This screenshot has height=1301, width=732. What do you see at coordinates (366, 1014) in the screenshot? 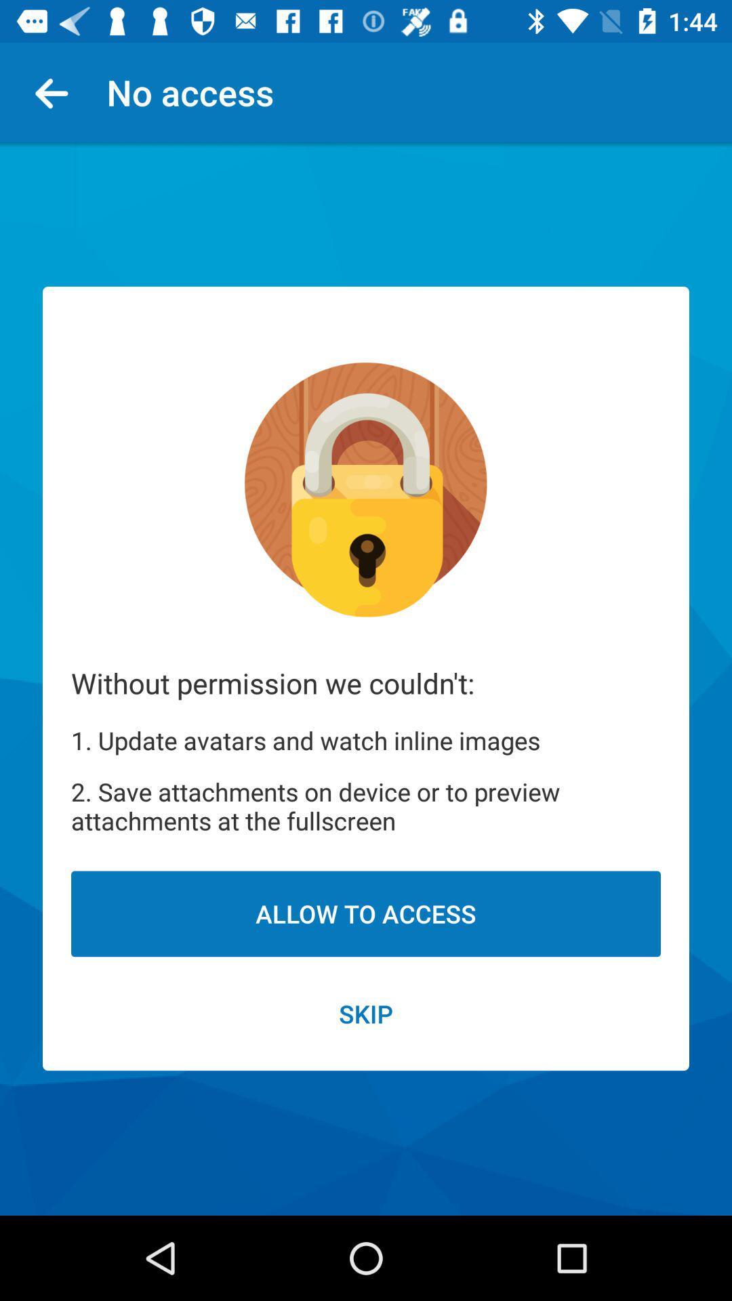
I see `skip item` at bounding box center [366, 1014].